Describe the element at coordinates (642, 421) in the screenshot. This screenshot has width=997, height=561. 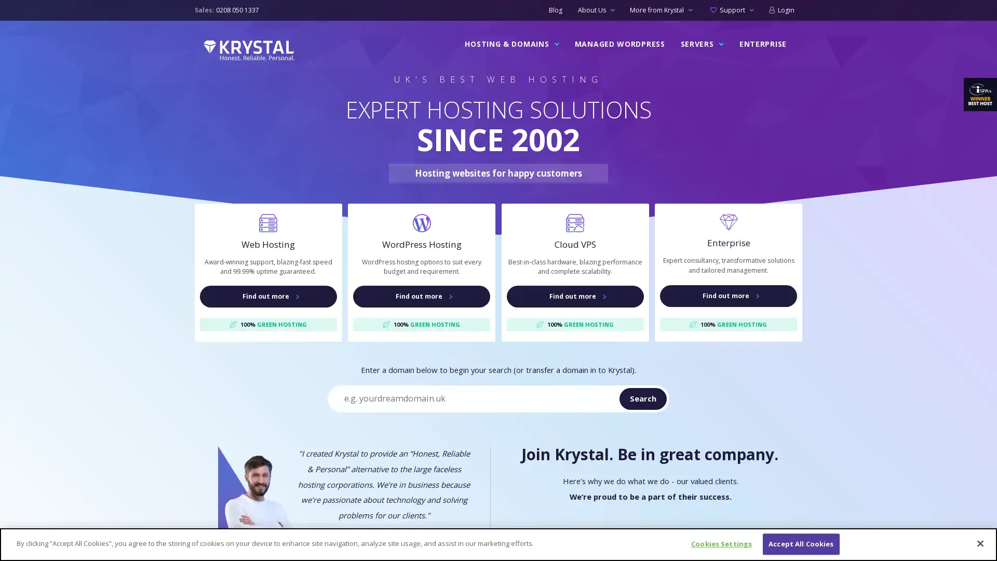
I see `Search` at that location.